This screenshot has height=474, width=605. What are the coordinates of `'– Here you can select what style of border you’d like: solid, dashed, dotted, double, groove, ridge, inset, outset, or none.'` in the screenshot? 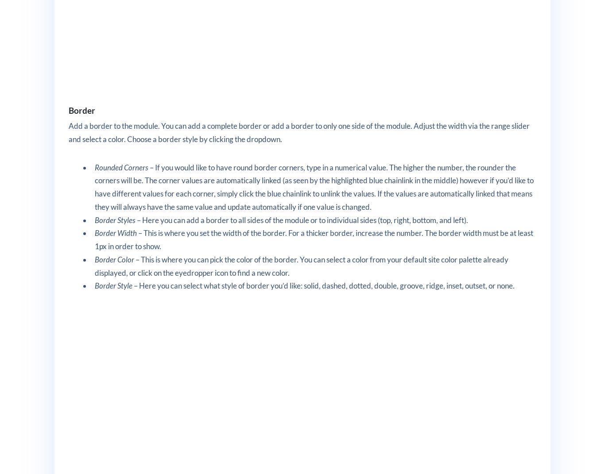 It's located at (323, 285).